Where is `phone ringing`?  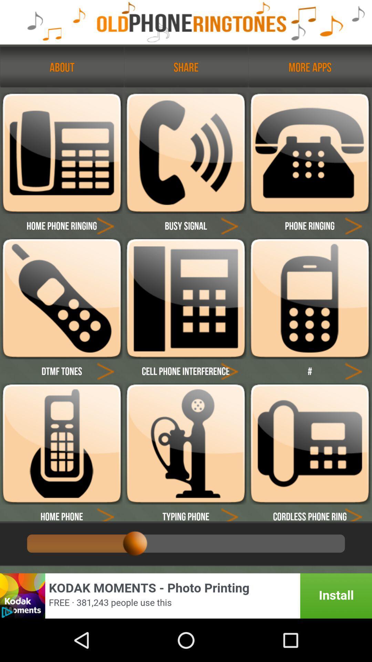
phone ringing is located at coordinates (309, 153).